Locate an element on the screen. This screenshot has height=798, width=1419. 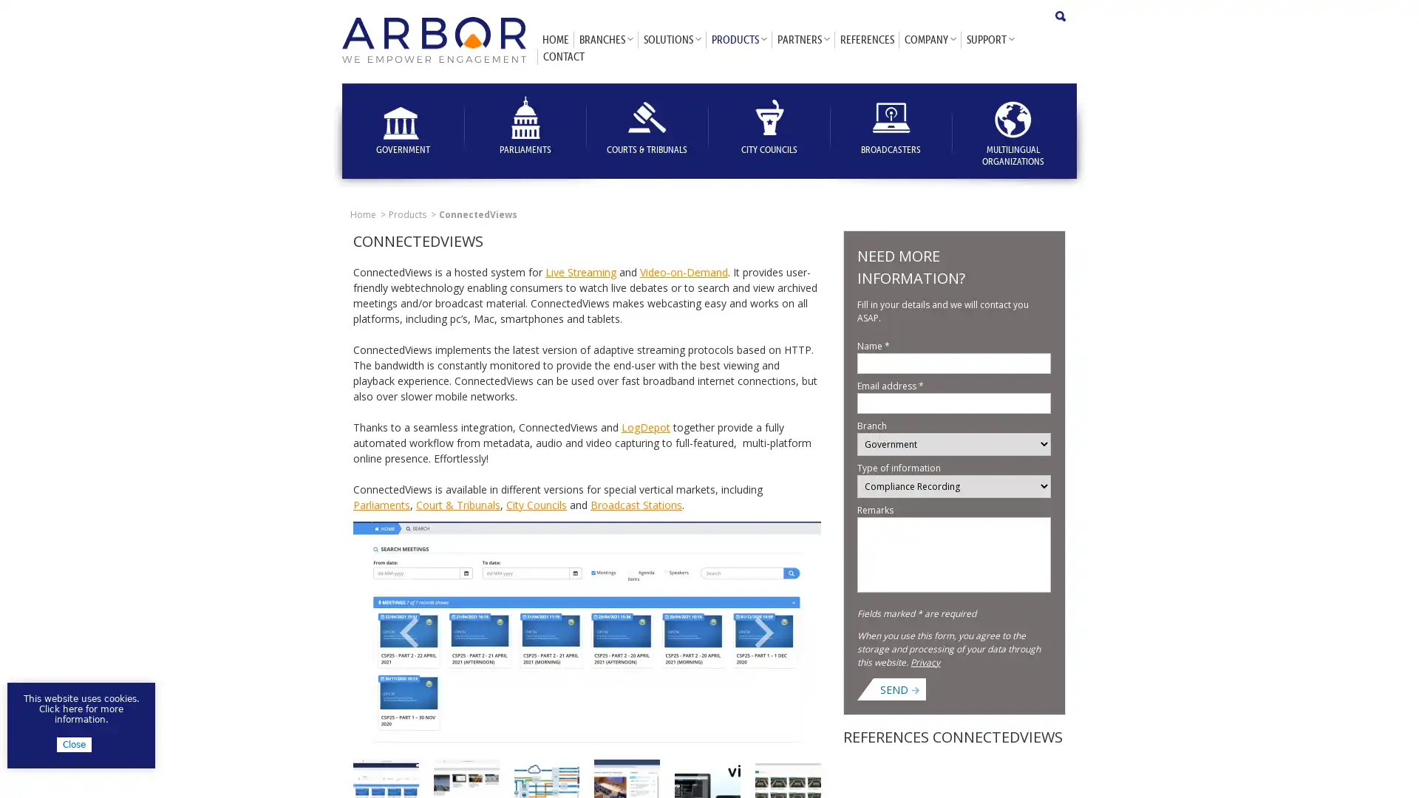
SEND is located at coordinates (899, 689).